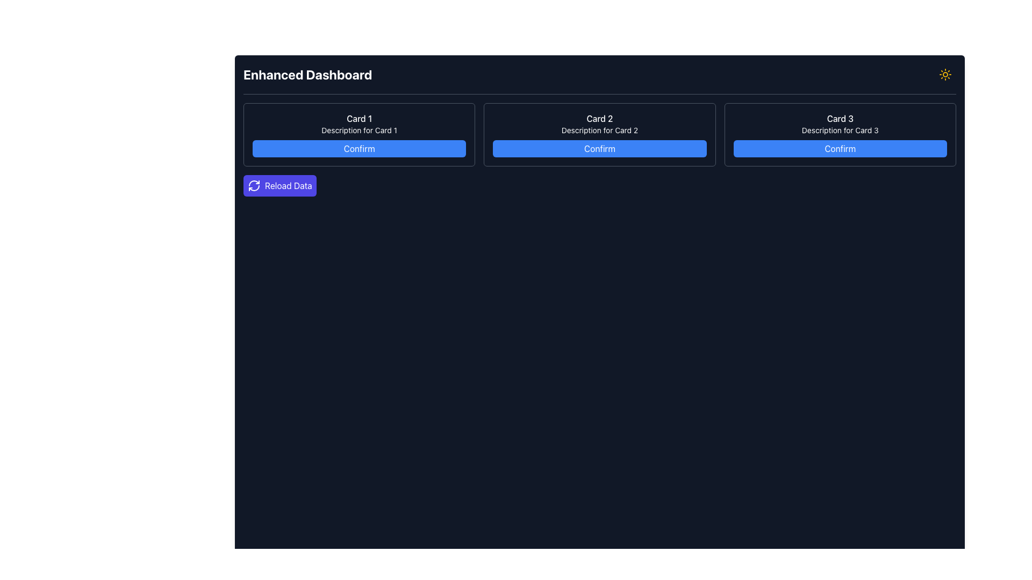 The width and height of the screenshot is (1032, 580). I want to click on the refresh button located at the bottom-left corner of the section containing three cards, below 'Card 1', to reload the displayed data, so click(279, 185).